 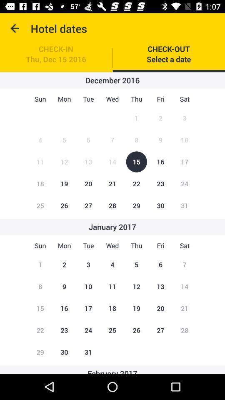 What do you see at coordinates (40, 161) in the screenshot?
I see `the date 11 december 2016` at bounding box center [40, 161].